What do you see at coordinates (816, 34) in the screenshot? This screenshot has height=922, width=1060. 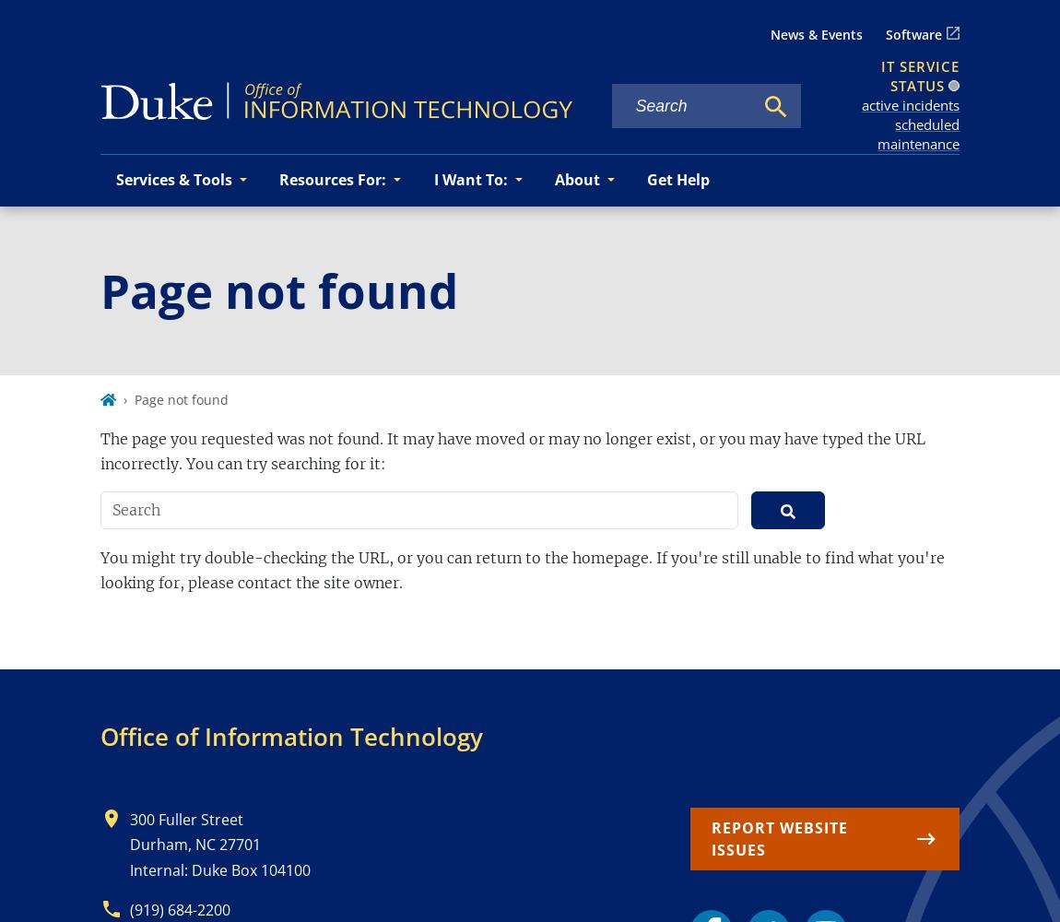 I see `'News & Events'` at bounding box center [816, 34].